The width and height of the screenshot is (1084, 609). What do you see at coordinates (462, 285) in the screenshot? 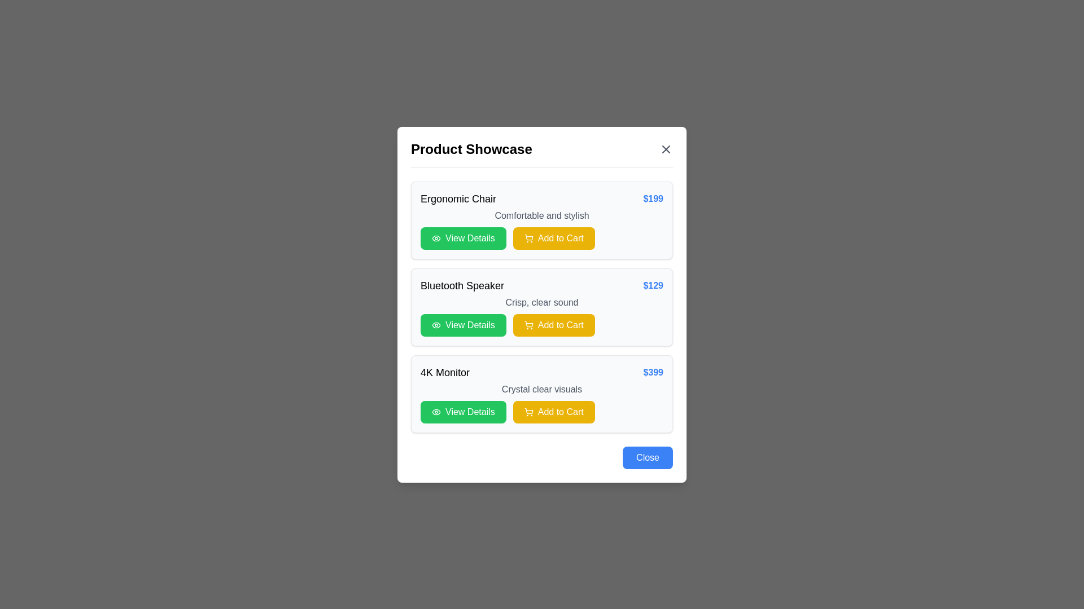
I see `the text label reading 'Bluetooth Speaker', which is styled as a title in bold typography and positioned as the primary title of the second product card in the list format` at bounding box center [462, 285].